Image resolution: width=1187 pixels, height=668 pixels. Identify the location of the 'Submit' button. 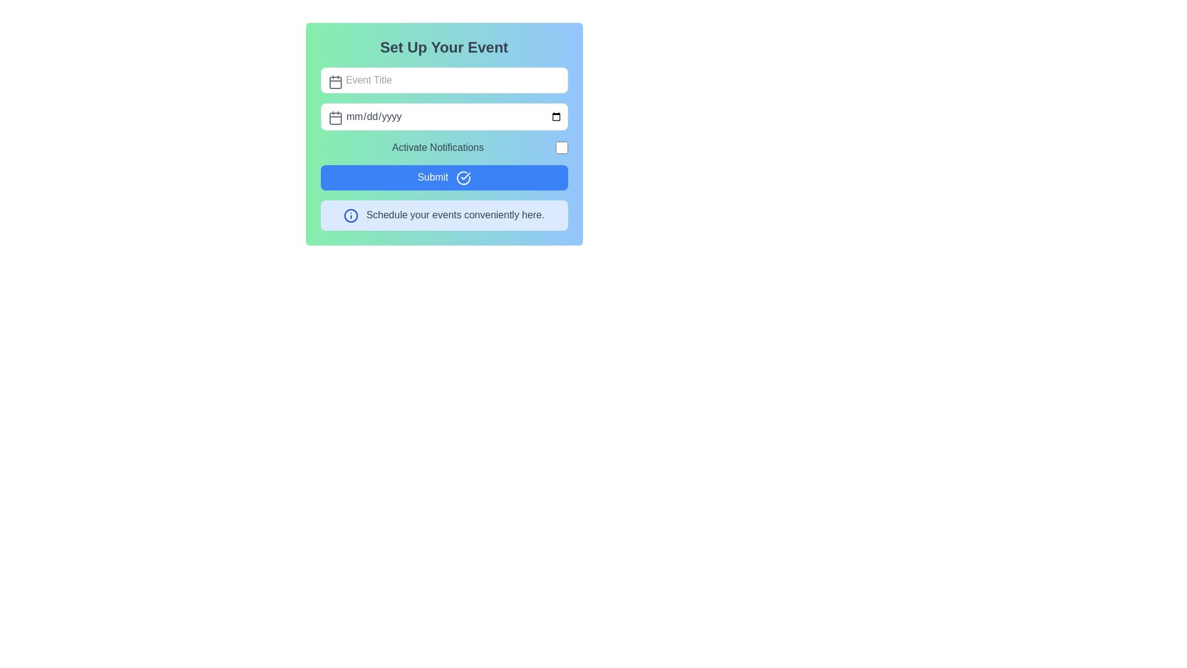
(465, 176).